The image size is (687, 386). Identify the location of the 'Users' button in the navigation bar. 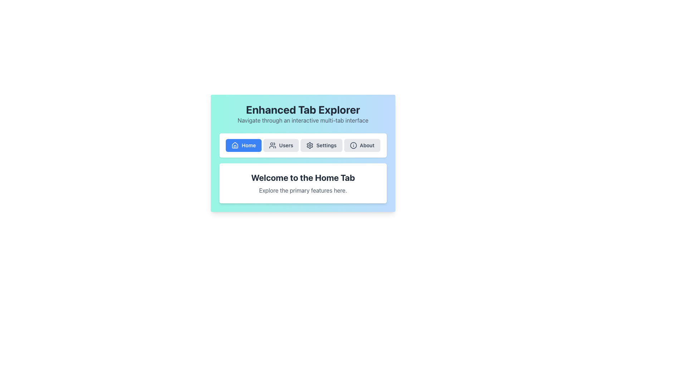
(281, 145).